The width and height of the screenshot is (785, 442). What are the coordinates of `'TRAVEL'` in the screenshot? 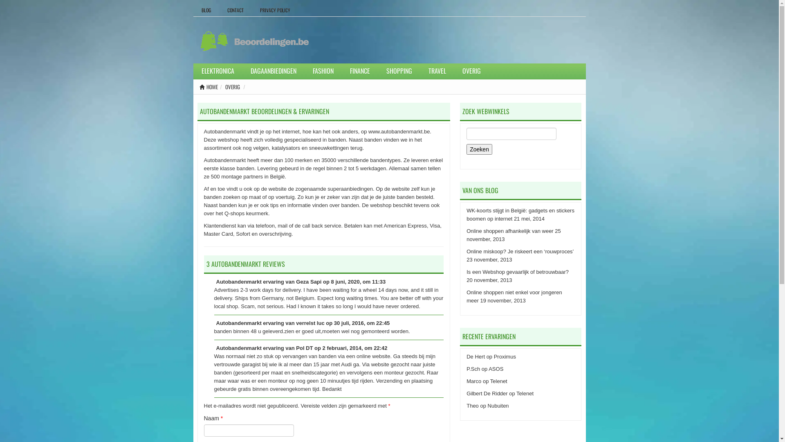 It's located at (420, 70).